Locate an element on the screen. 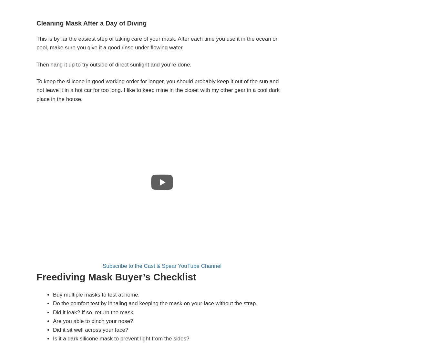 The height and width of the screenshot is (343, 441). 'Freediving Mask Buyer’s Checklist' is located at coordinates (116, 277).